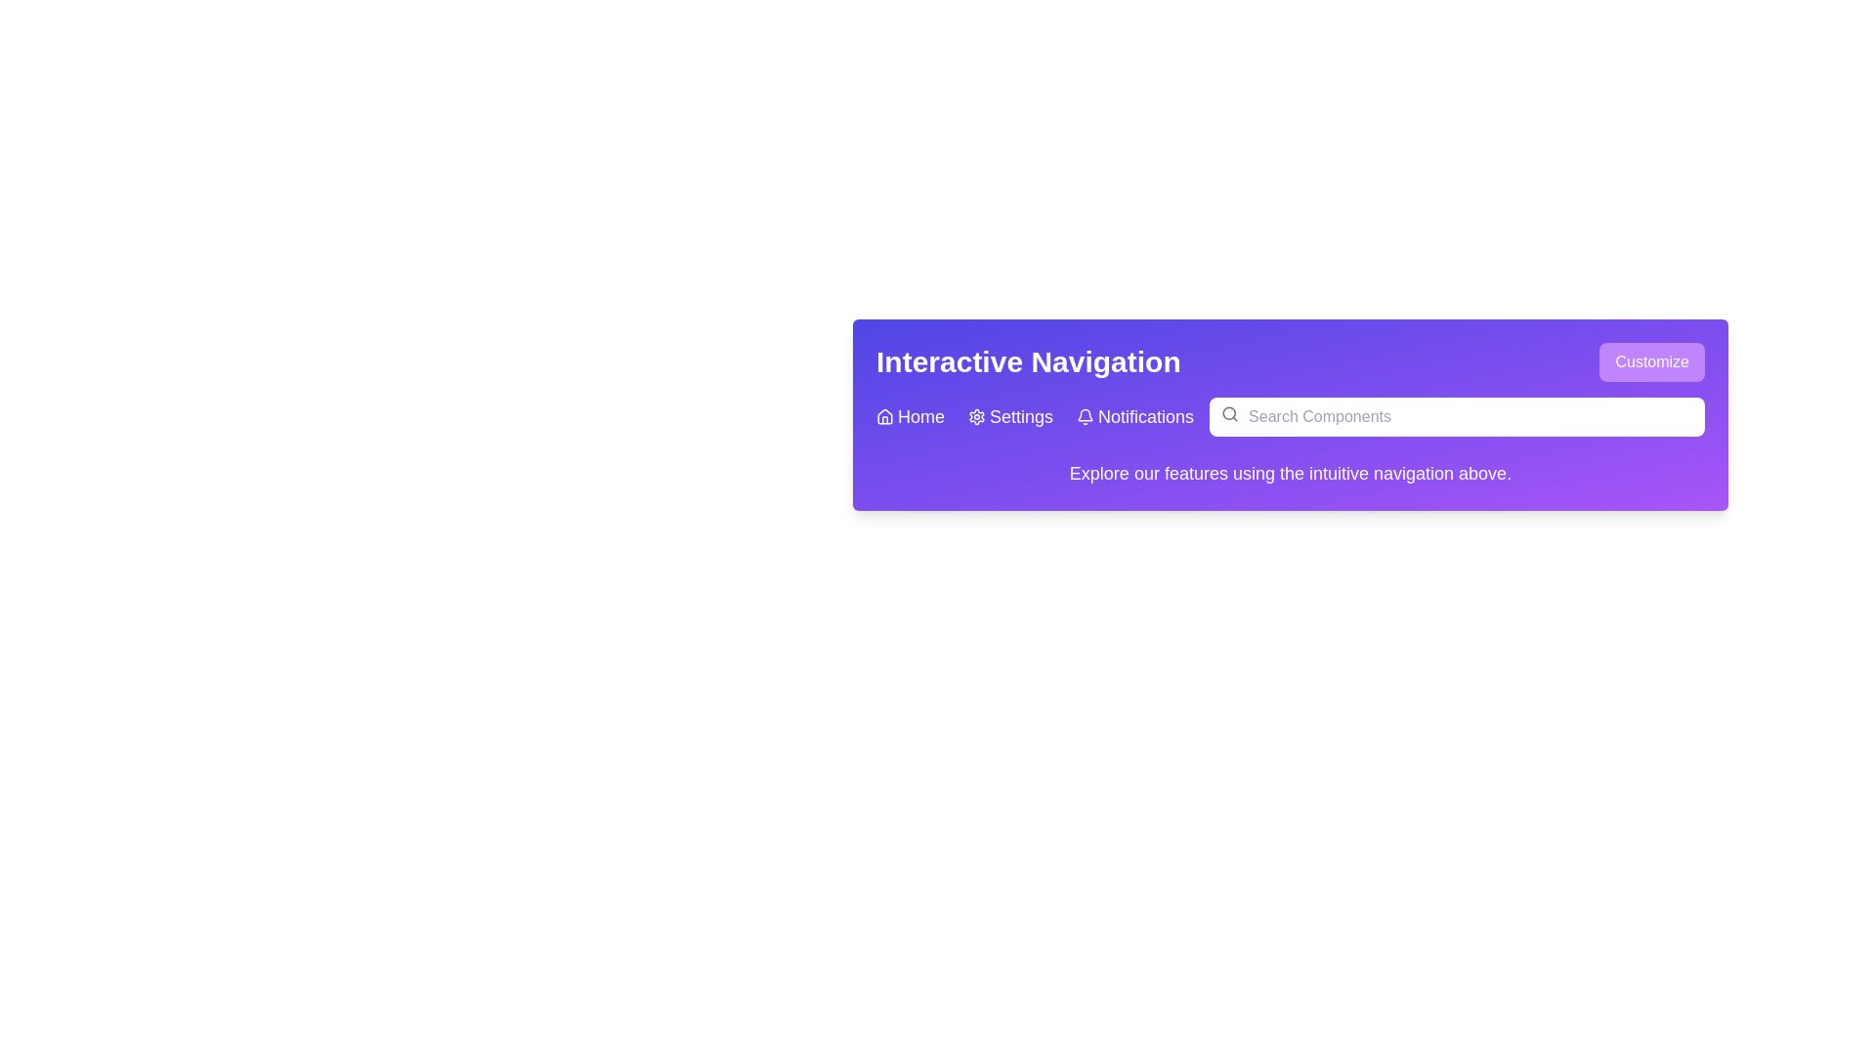 This screenshot has height=1055, width=1876. What do you see at coordinates (884, 416) in the screenshot?
I see `the 'Home' icon located on the left side of the navigation bar` at bounding box center [884, 416].